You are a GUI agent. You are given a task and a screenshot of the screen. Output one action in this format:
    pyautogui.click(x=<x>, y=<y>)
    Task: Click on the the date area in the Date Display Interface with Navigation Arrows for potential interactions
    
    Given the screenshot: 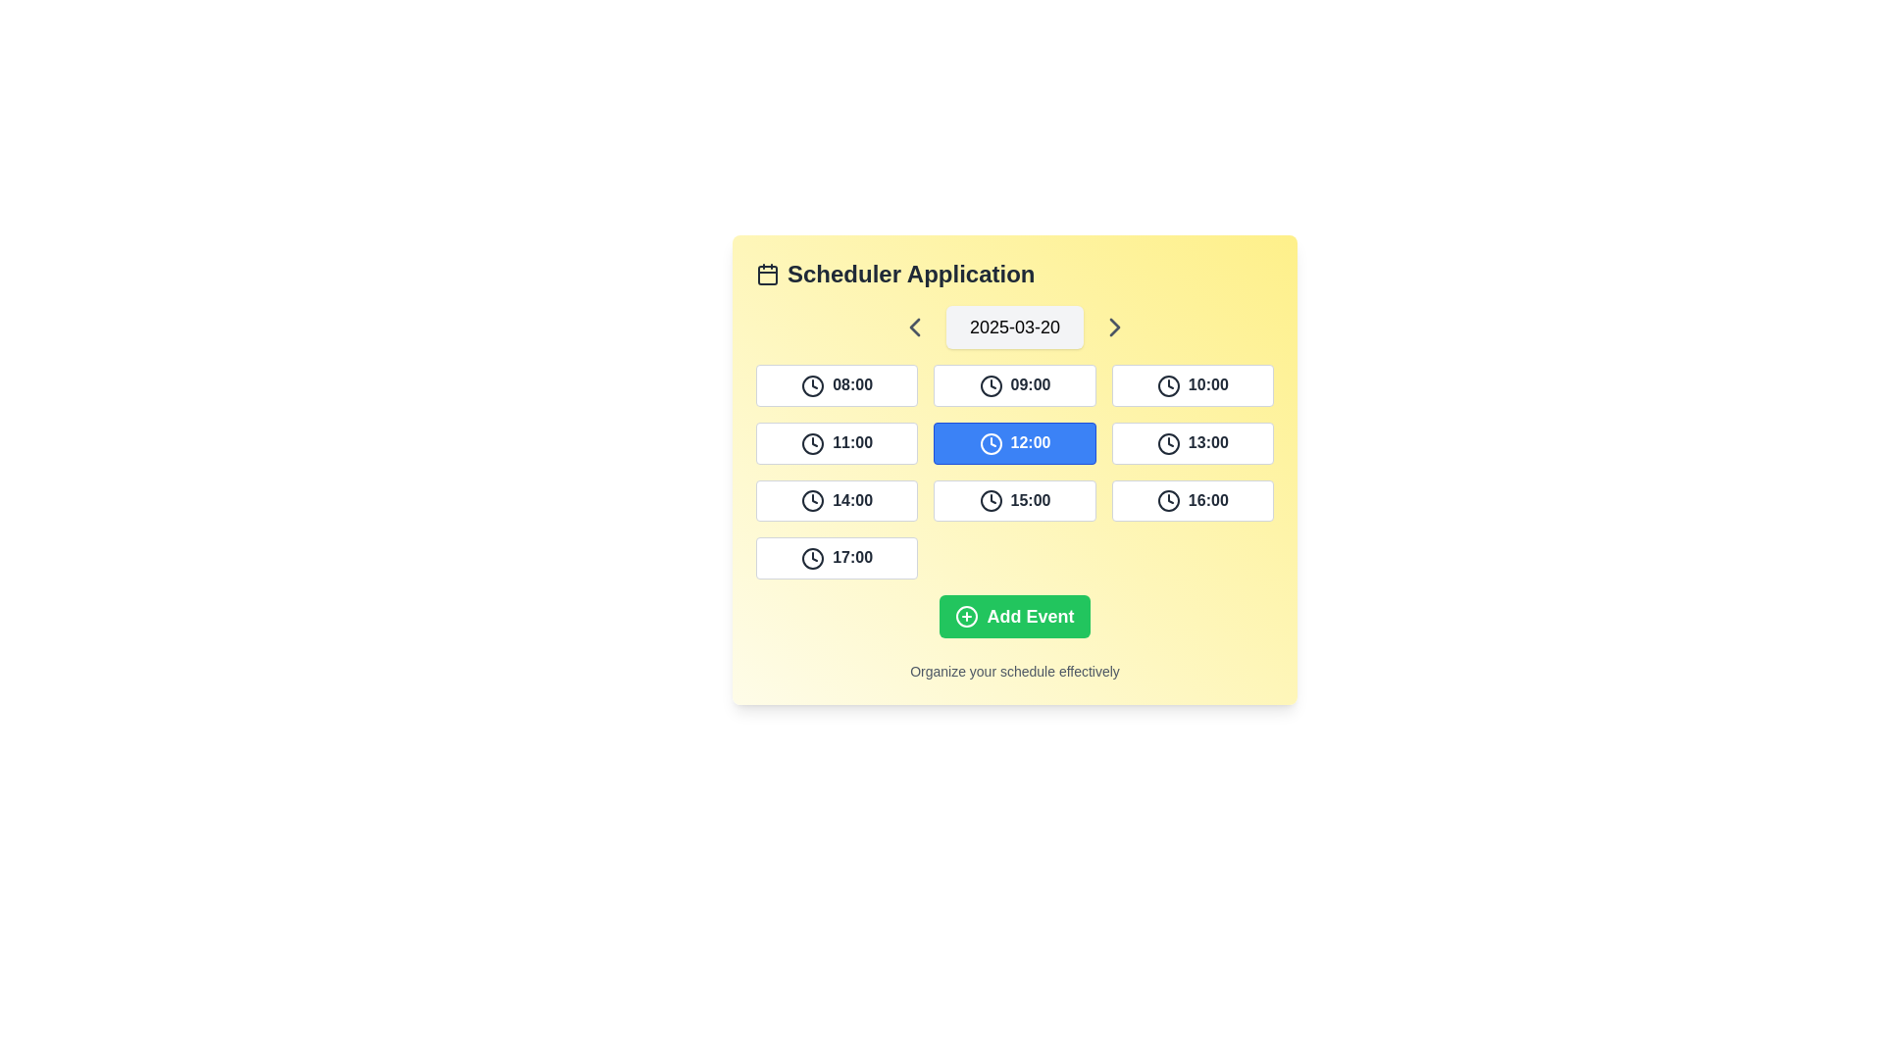 What is the action you would take?
    pyautogui.click(x=1015, y=327)
    